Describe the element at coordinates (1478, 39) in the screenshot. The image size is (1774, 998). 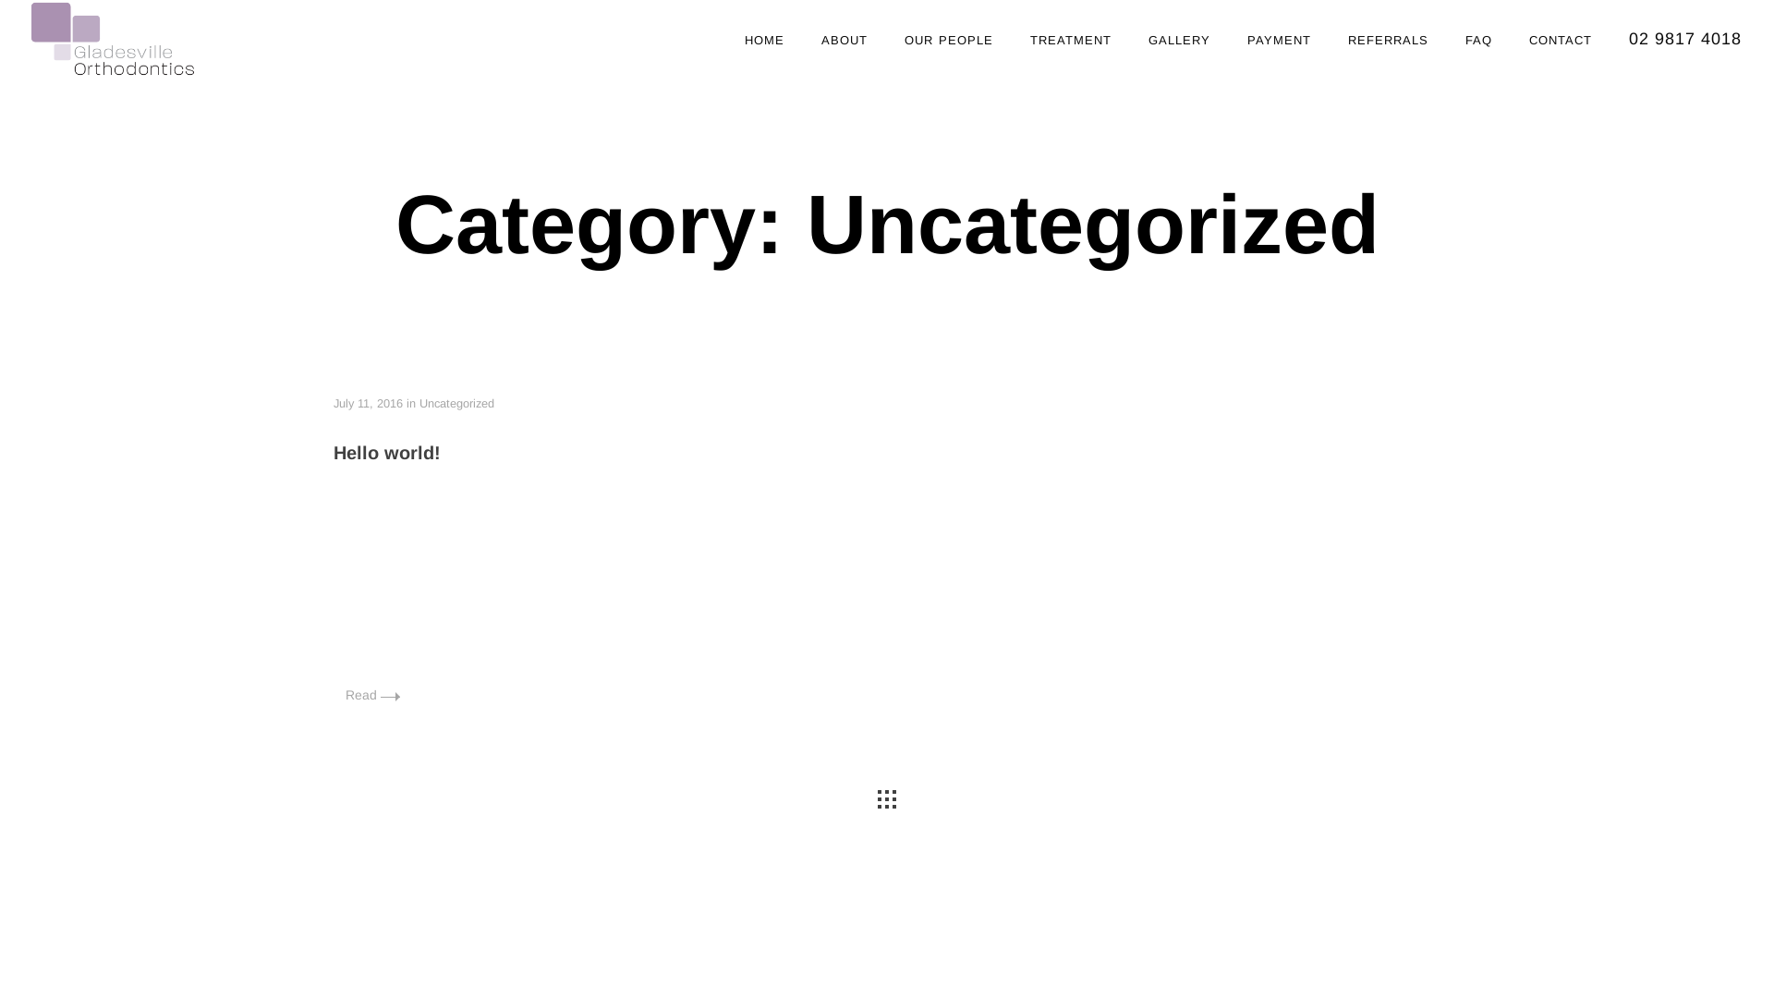
I see `'faq'` at that location.